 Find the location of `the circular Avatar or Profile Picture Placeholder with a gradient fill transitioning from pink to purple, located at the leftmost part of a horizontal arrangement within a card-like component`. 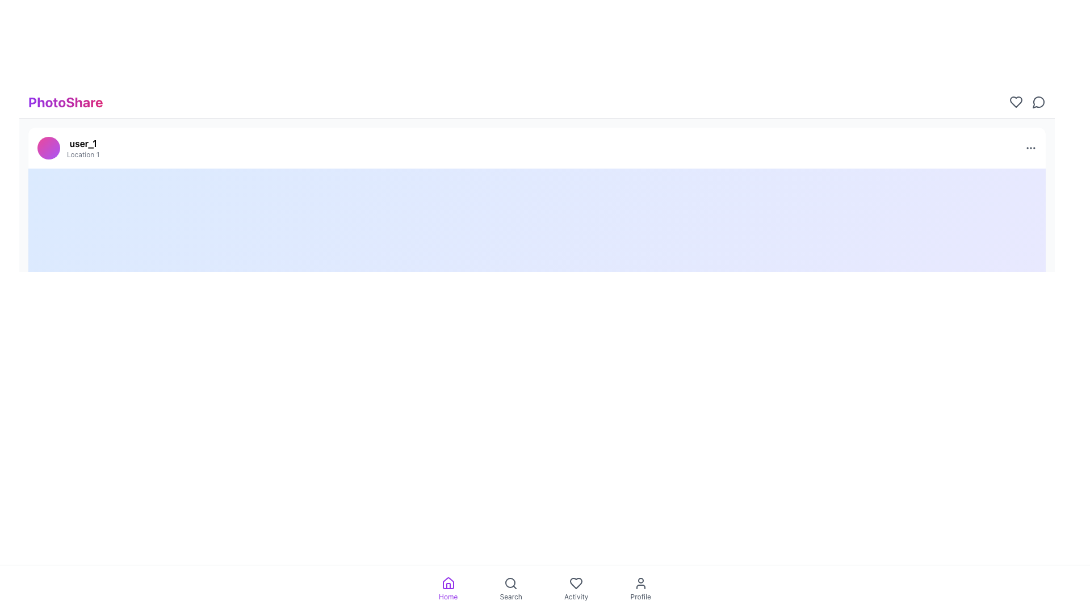

the circular Avatar or Profile Picture Placeholder with a gradient fill transitioning from pink to purple, located at the leftmost part of a horizontal arrangement within a card-like component is located at coordinates (48, 148).